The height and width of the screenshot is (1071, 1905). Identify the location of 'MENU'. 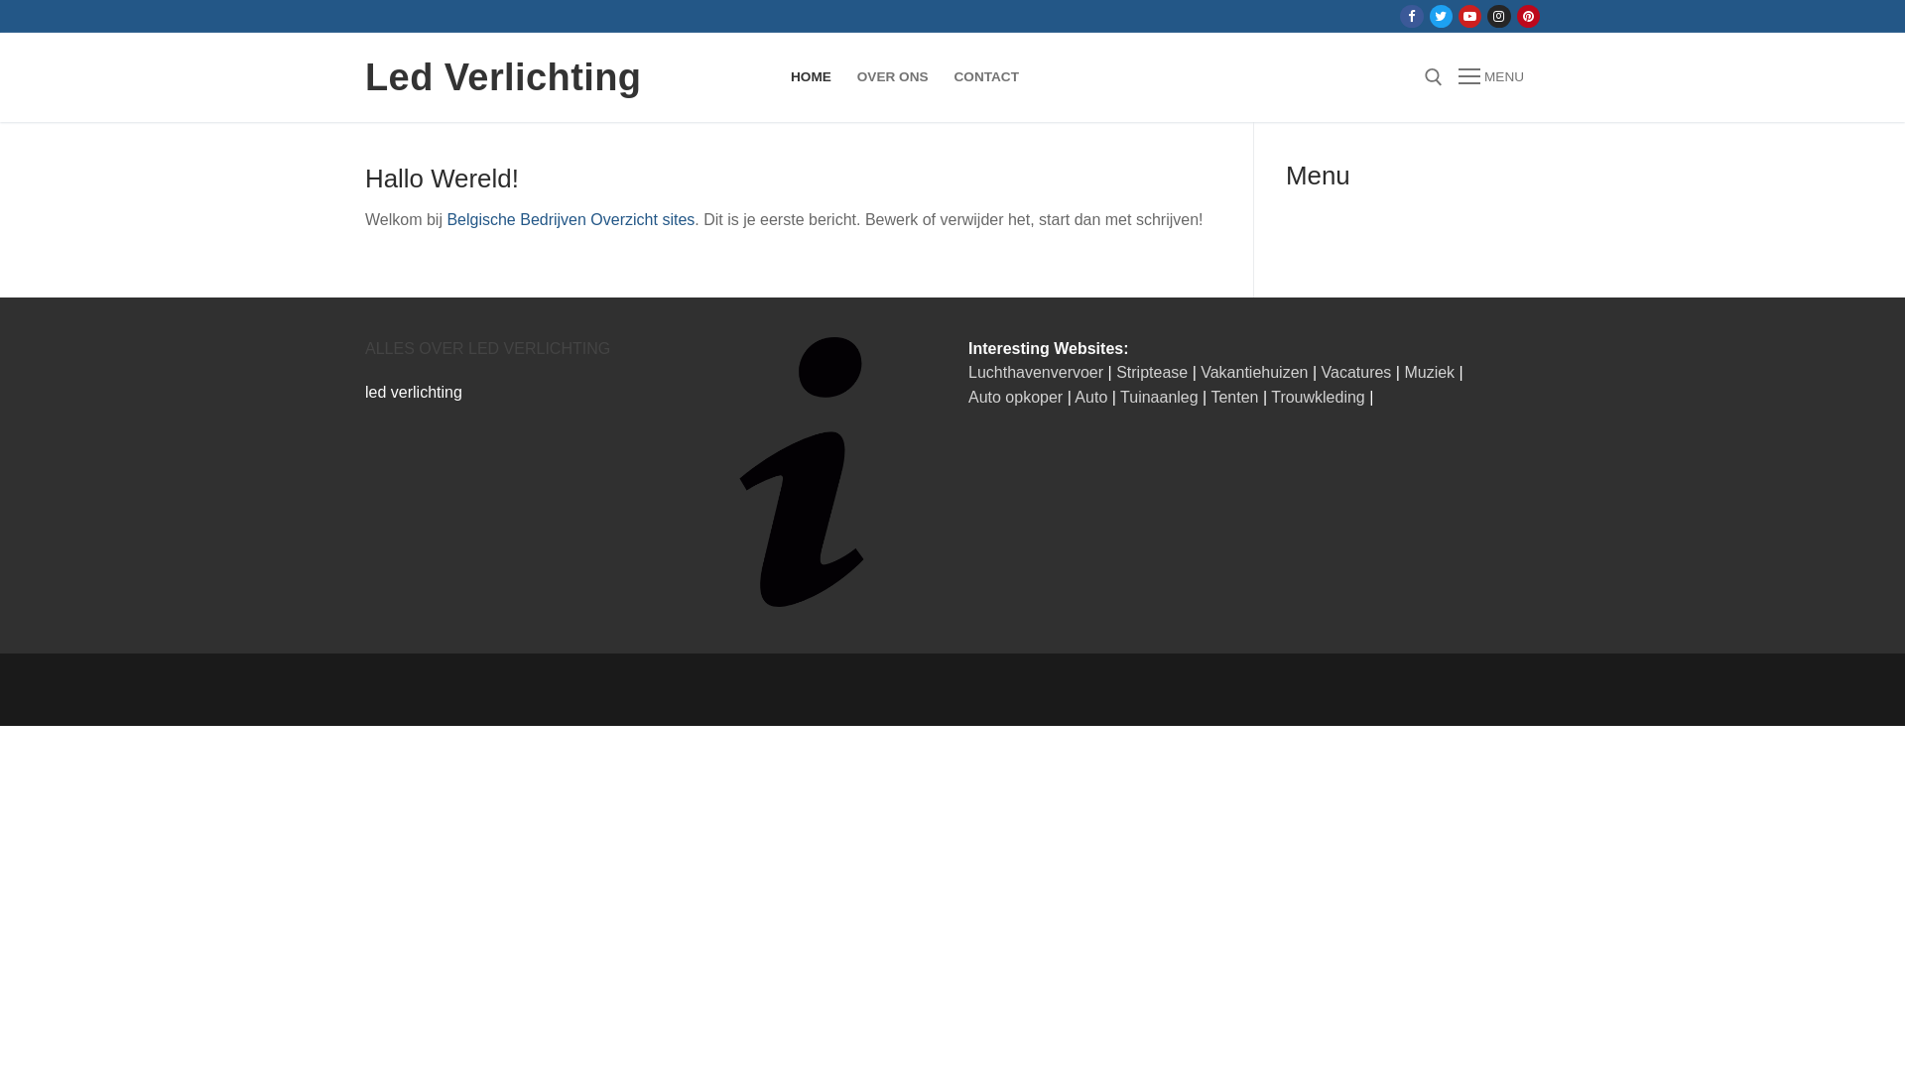
(1458, 75).